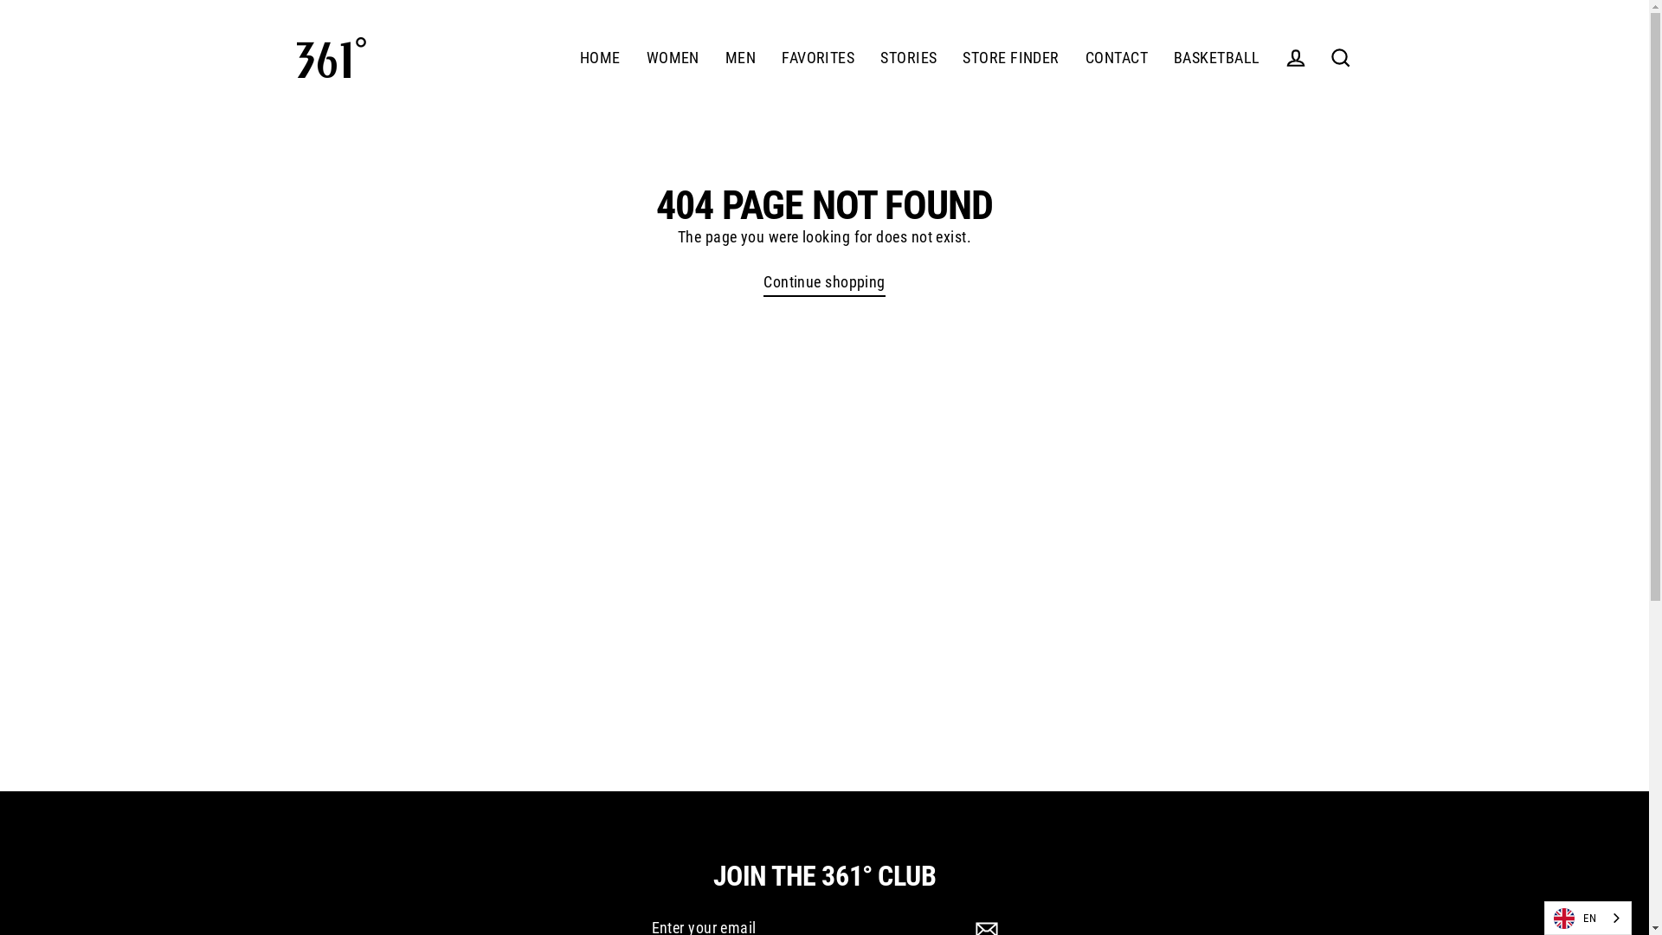 The image size is (1662, 935). What do you see at coordinates (1339, 56) in the screenshot?
I see `'SEARCH'` at bounding box center [1339, 56].